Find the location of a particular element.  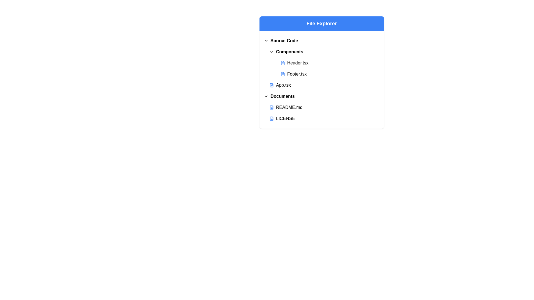

the selectable file entry 'App.tsx' in the file explorer, located in the 'Components' subsection of the 'Source Code' category is located at coordinates (322, 85).